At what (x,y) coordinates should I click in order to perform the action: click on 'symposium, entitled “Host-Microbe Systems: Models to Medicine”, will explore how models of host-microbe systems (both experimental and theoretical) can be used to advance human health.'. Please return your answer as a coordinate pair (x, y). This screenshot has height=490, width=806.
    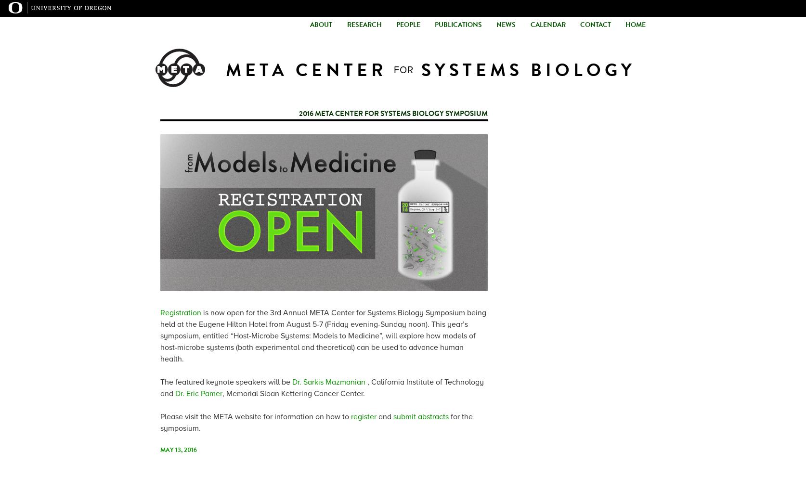
    Looking at the image, I should click on (160, 347).